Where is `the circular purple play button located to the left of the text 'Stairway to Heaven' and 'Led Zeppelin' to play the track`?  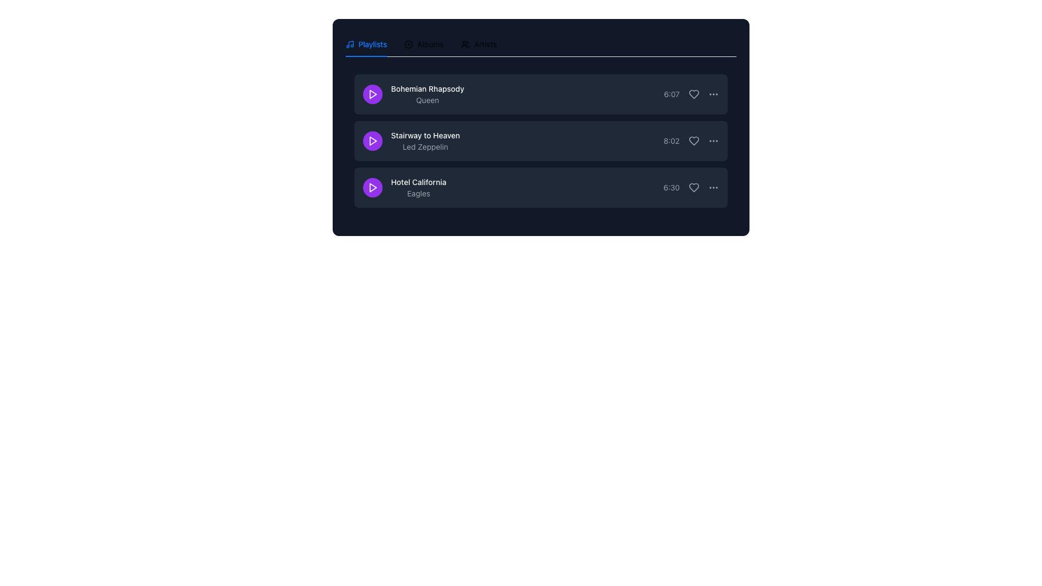
the circular purple play button located to the left of the text 'Stairway to Heaven' and 'Led Zeppelin' to play the track is located at coordinates (372, 140).